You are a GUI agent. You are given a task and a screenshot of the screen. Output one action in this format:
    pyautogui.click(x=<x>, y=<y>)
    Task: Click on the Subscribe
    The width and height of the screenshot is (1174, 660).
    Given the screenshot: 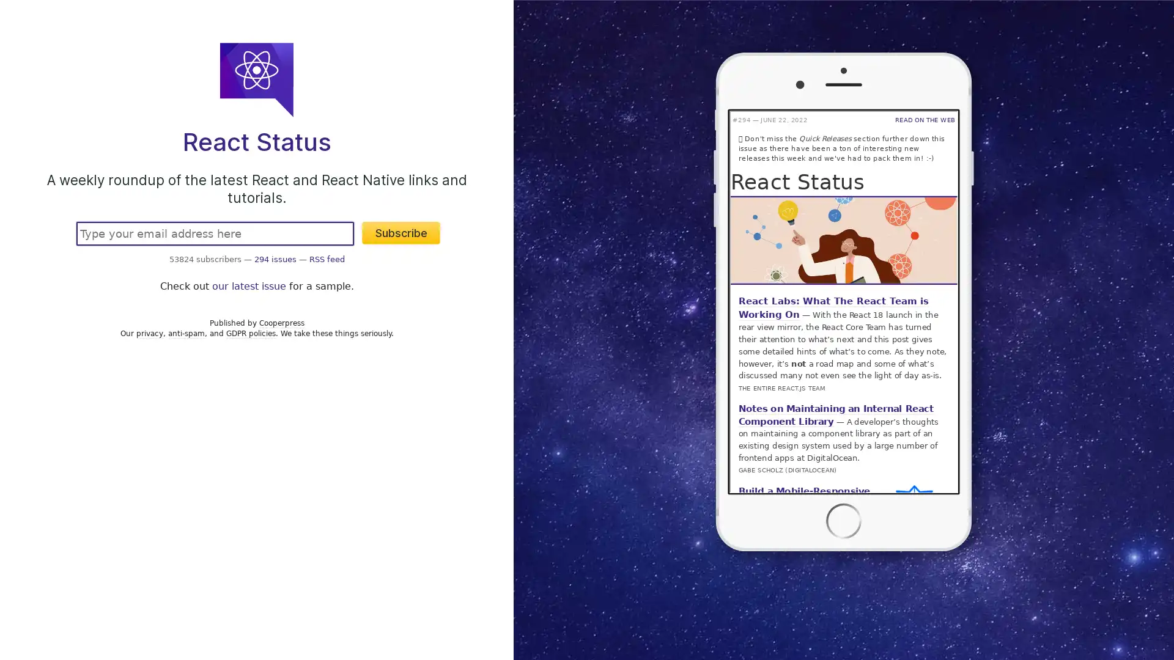 What is the action you would take?
    pyautogui.click(x=401, y=233)
    